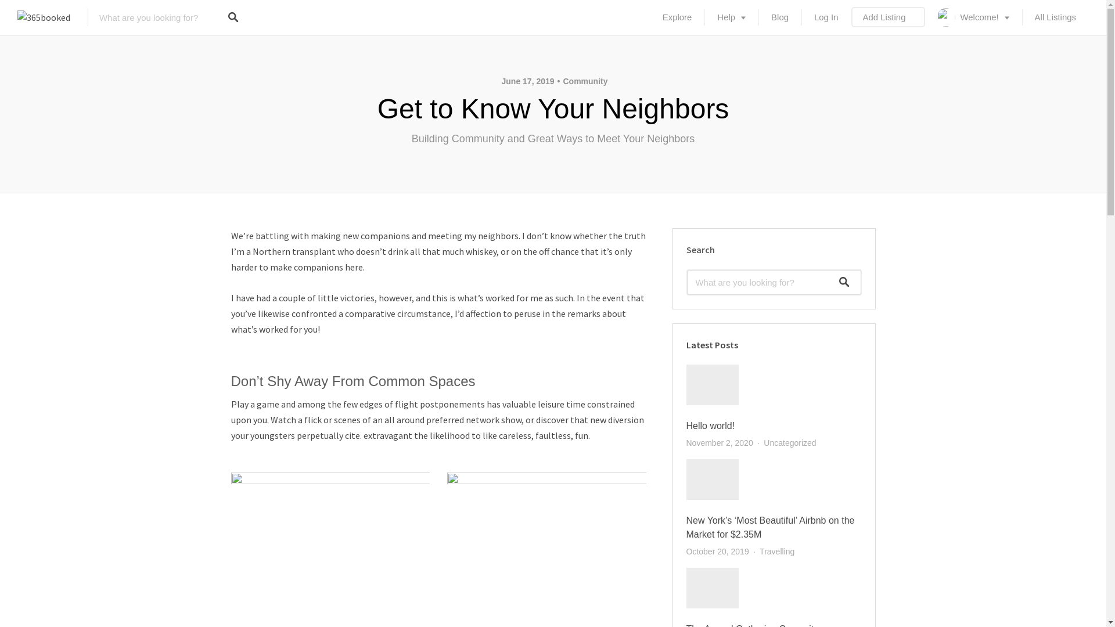  Describe the element at coordinates (973, 17) in the screenshot. I see `'Welcome!'` at that location.